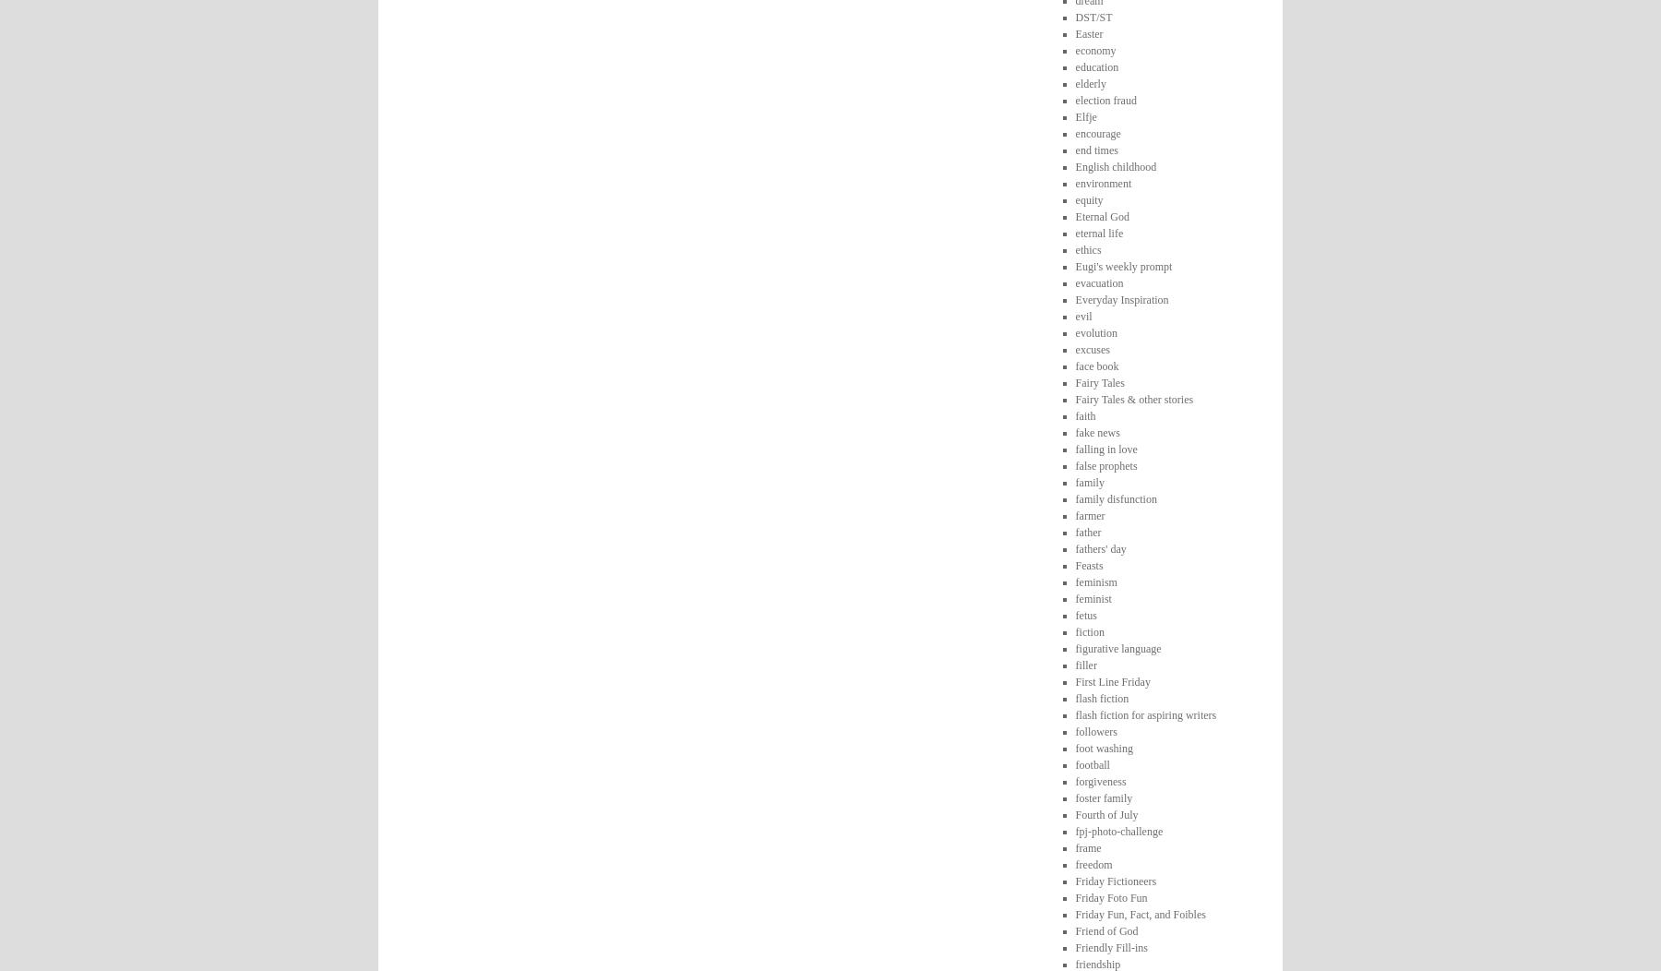  What do you see at coordinates (1100, 696) in the screenshot?
I see `'flash fiction'` at bounding box center [1100, 696].